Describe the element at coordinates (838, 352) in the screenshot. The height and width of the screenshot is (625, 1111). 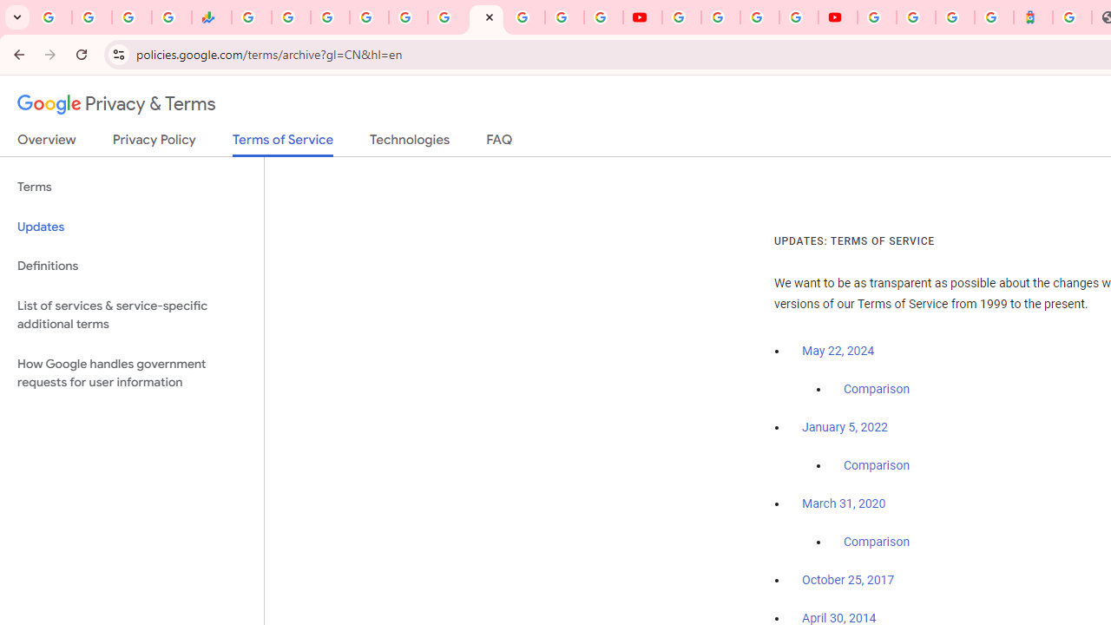
I see `'May 22, 2024'` at that location.